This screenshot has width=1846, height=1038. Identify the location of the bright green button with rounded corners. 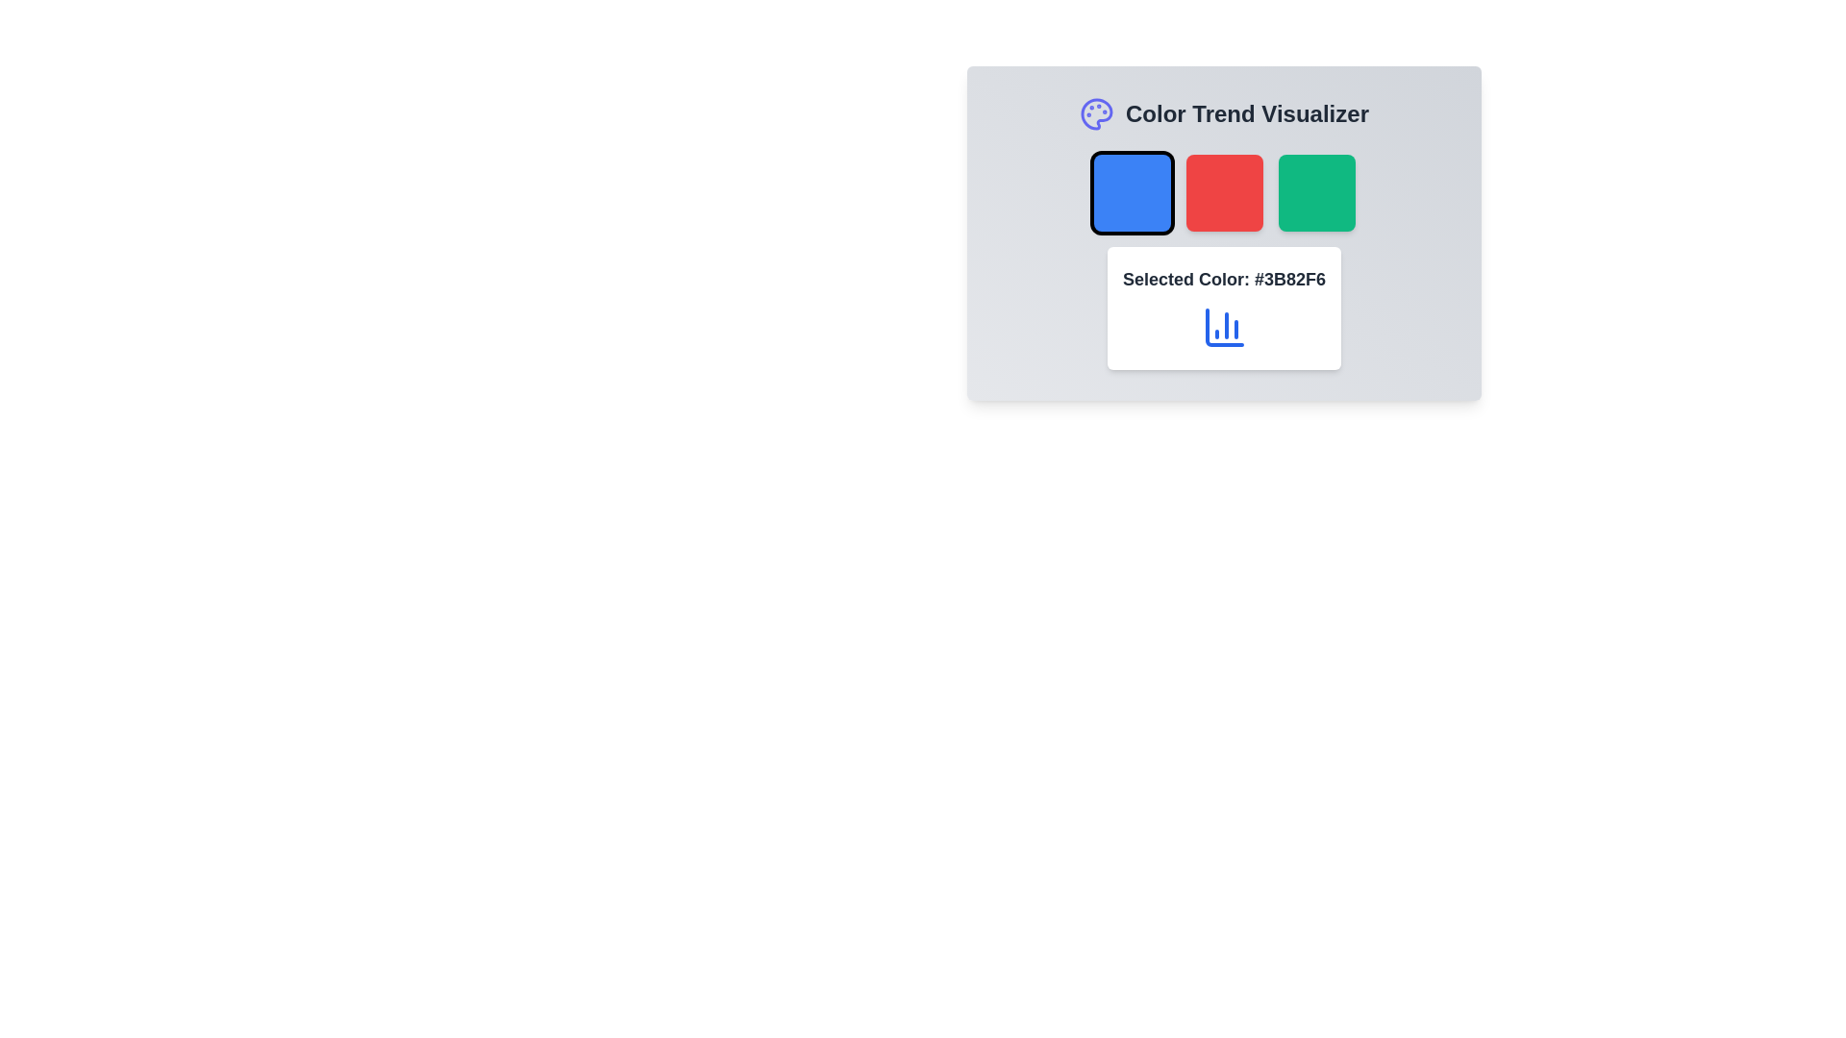
(1315, 192).